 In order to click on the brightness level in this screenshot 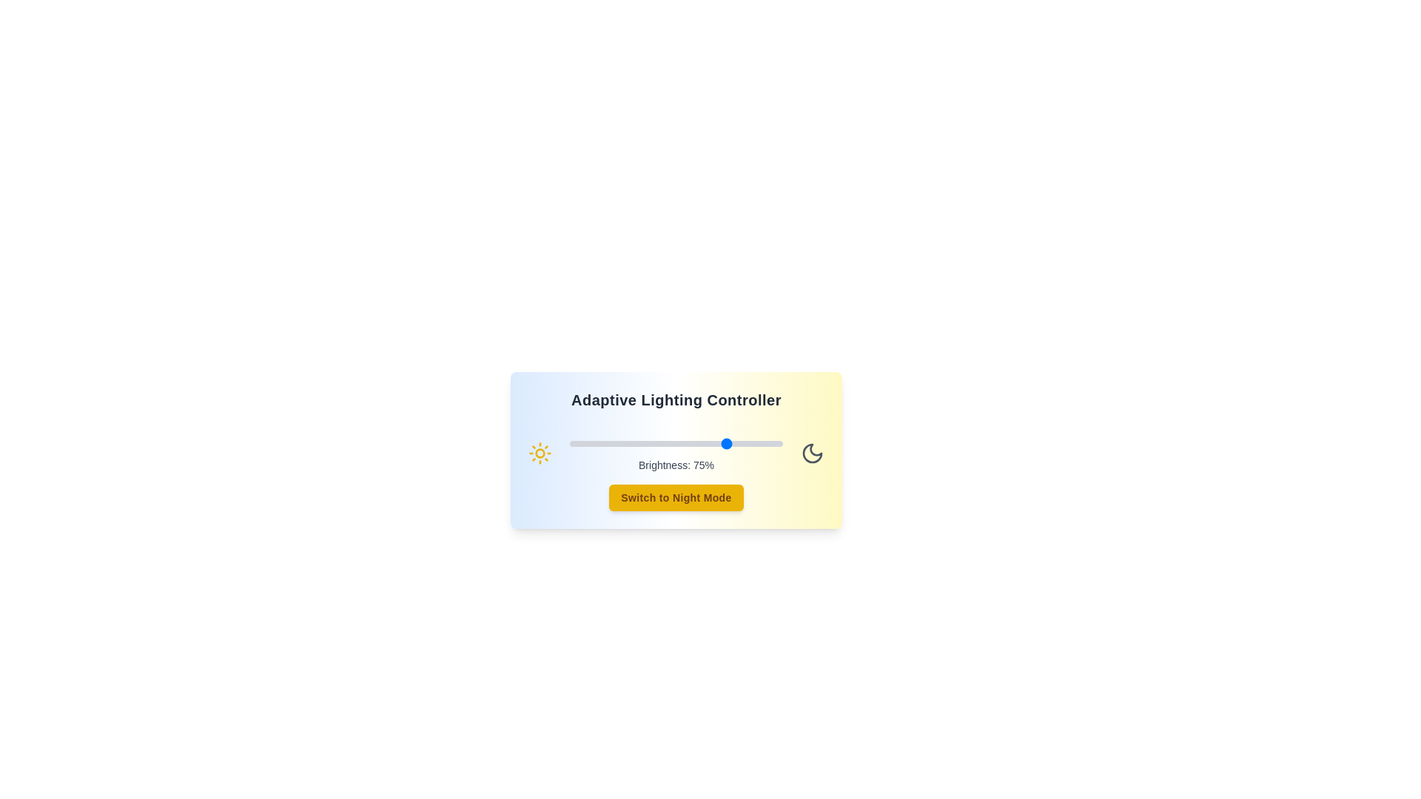, I will do `click(708, 443)`.